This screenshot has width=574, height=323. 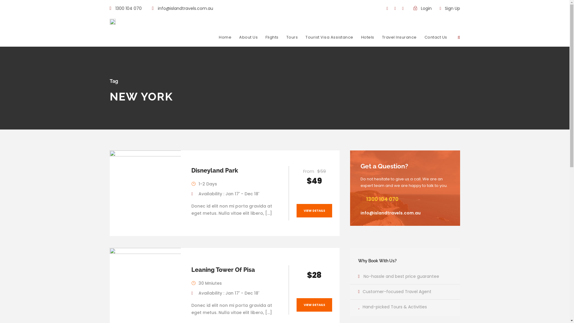 I want to click on 'Home', so click(x=225, y=40).